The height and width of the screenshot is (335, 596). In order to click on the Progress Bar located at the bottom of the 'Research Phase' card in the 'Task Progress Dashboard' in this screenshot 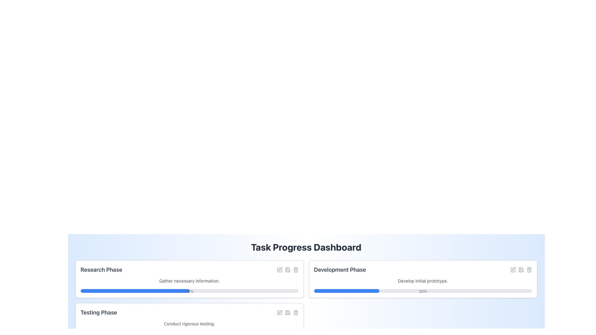, I will do `click(189, 291)`.